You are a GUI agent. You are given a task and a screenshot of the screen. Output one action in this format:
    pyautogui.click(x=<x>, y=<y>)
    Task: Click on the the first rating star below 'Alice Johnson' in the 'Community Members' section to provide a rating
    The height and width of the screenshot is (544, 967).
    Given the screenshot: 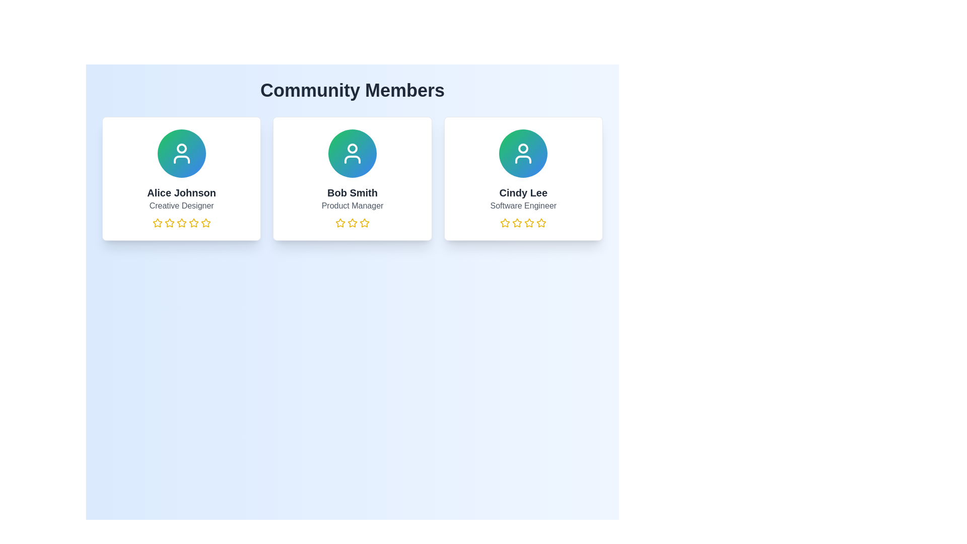 What is the action you would take?
    pyautogui.click(x=181, y=222)
    